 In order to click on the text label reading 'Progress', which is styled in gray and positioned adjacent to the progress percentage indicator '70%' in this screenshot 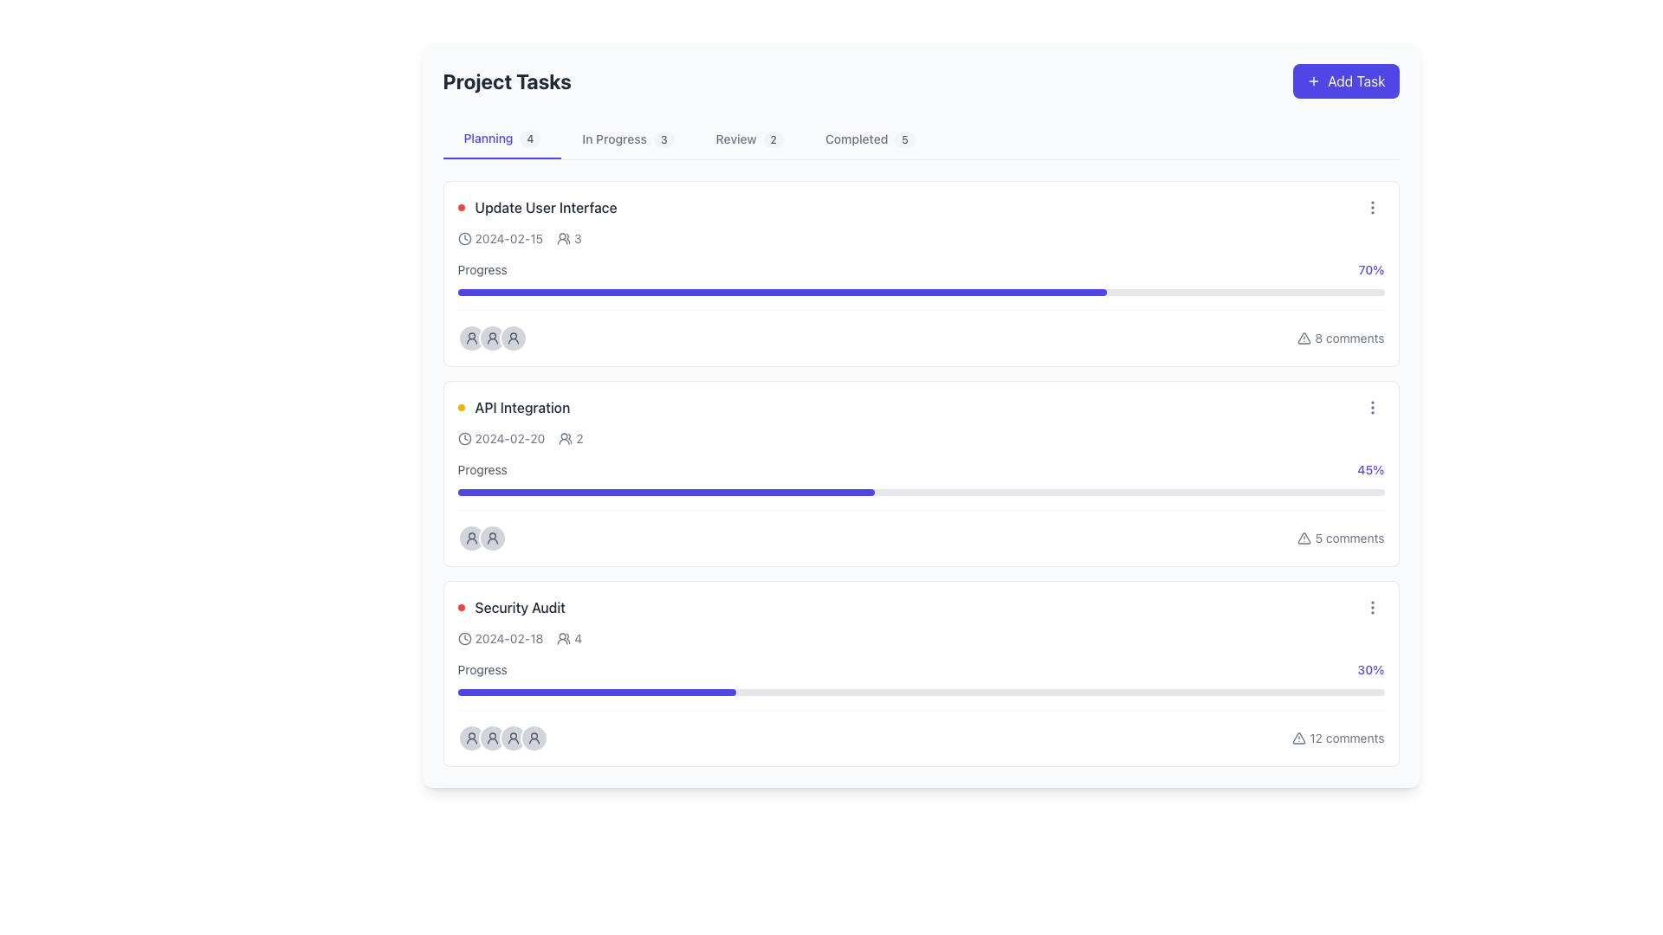, I will do `click(482, 270)`.